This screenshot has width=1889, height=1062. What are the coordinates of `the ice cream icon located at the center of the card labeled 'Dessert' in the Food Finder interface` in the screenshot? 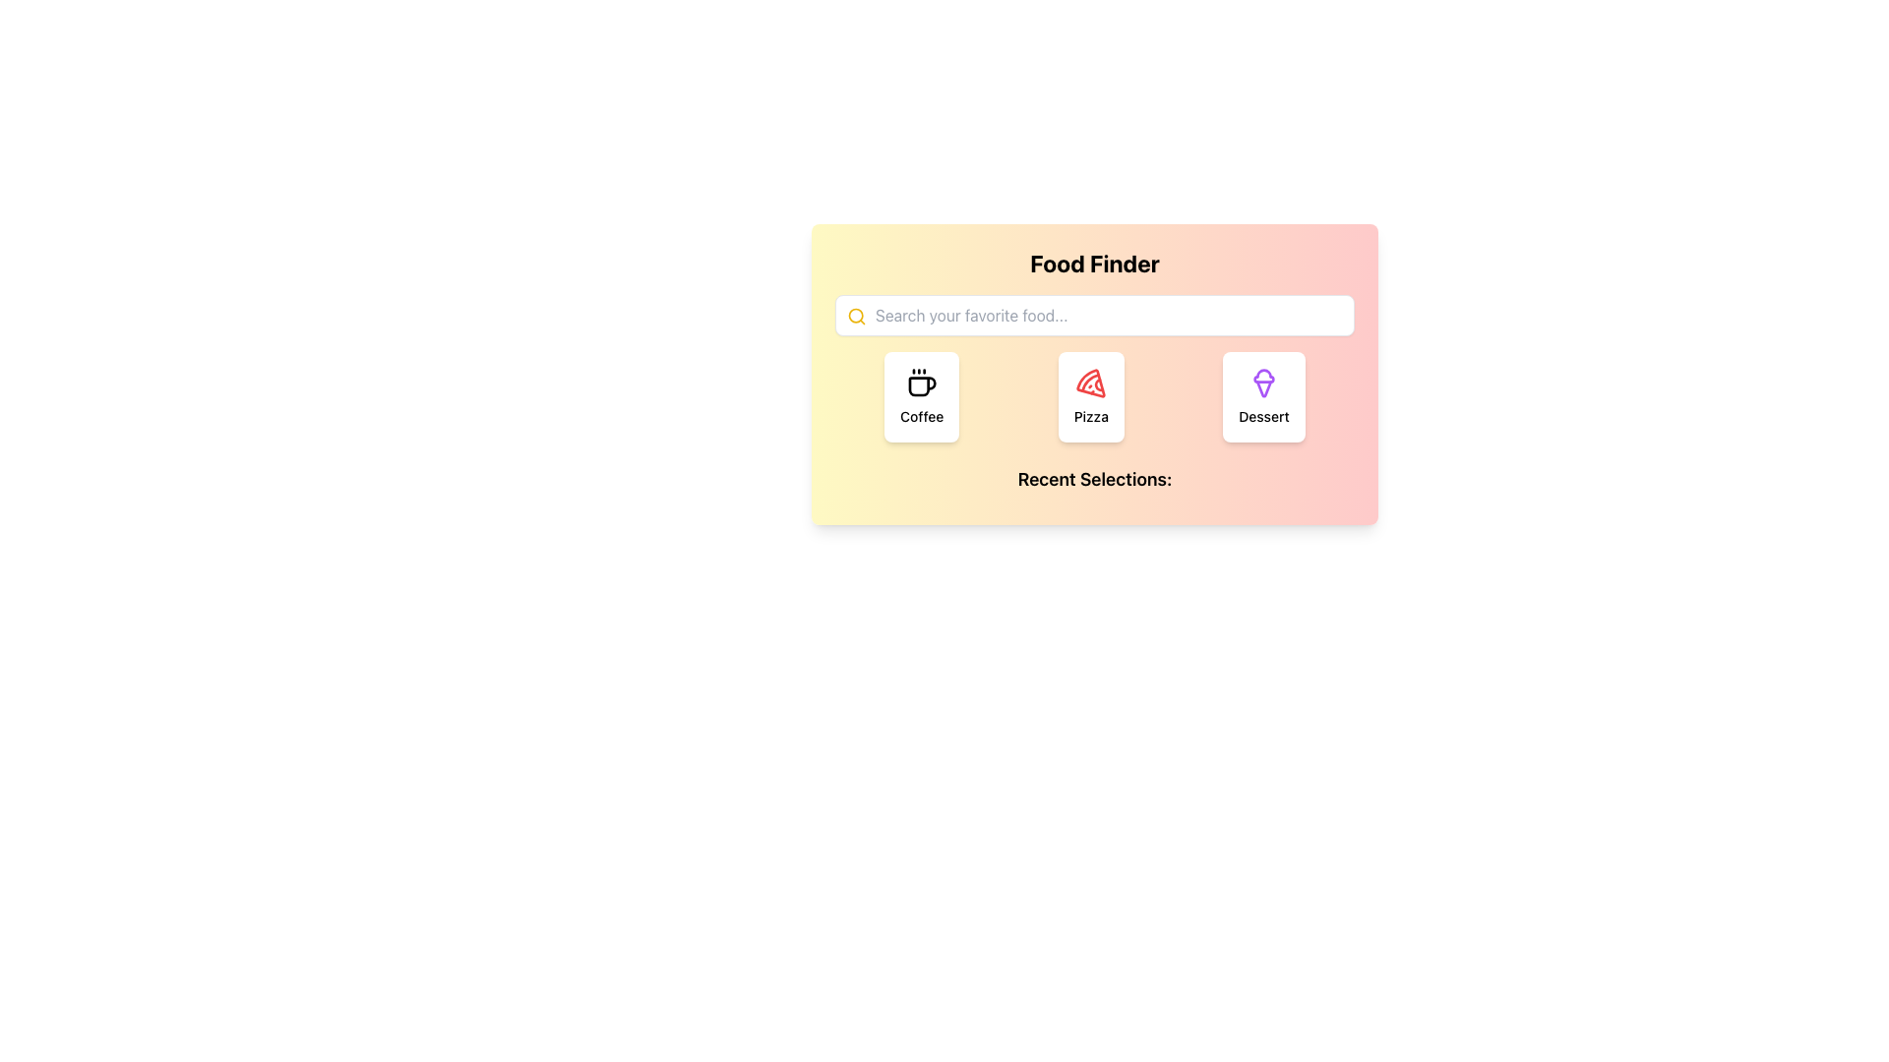 It's located at (1264, 383).